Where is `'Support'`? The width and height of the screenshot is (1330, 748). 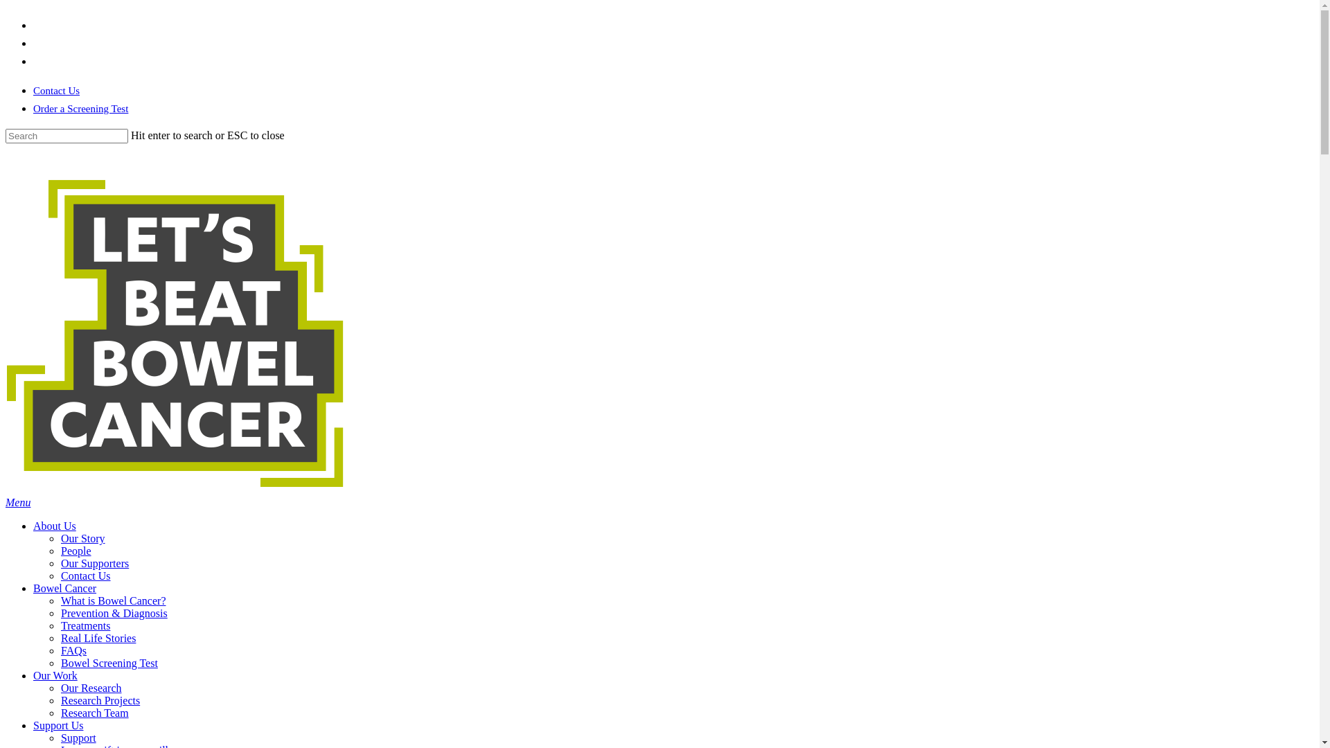
'Support' is located at coordinates (78, 737).